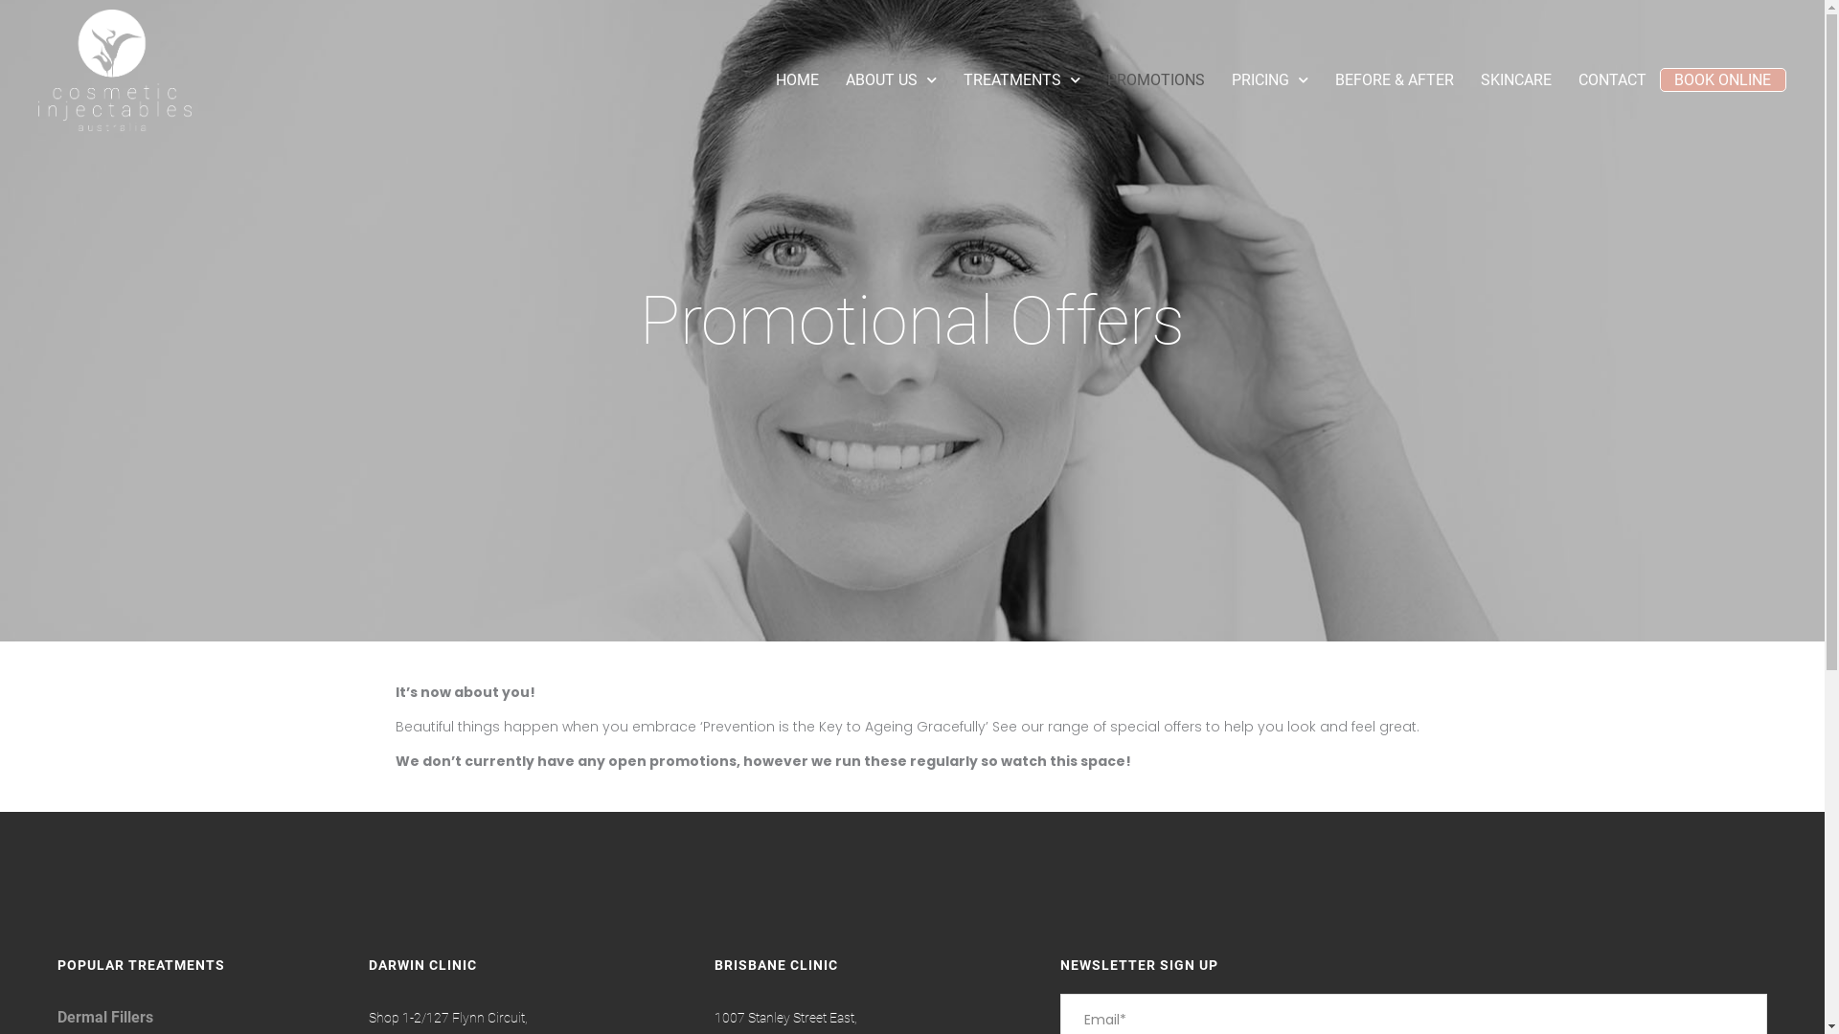 This screenshot has width=1839, height=1034. What do you see at coordinates (1672, 79) in the screenshot?
I see `'BOOK ONLINE'` at bounding box center [1672, 79].